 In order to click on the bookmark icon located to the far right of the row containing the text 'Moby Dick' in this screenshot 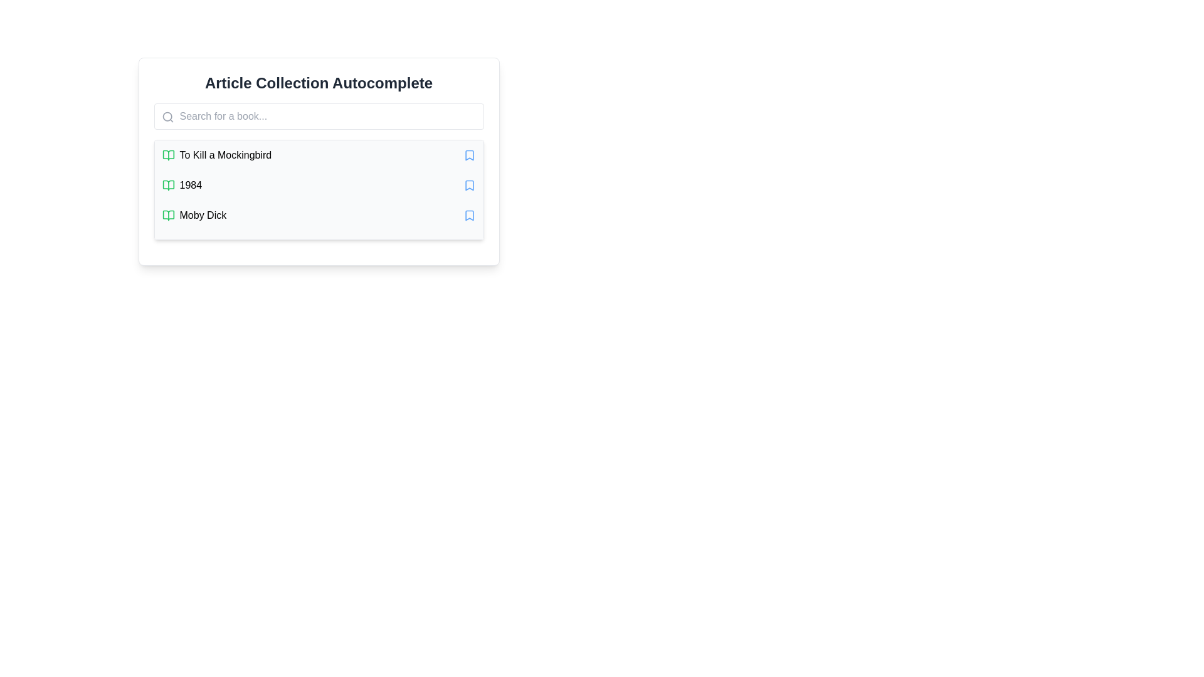, I will do `click(468, 214)`.